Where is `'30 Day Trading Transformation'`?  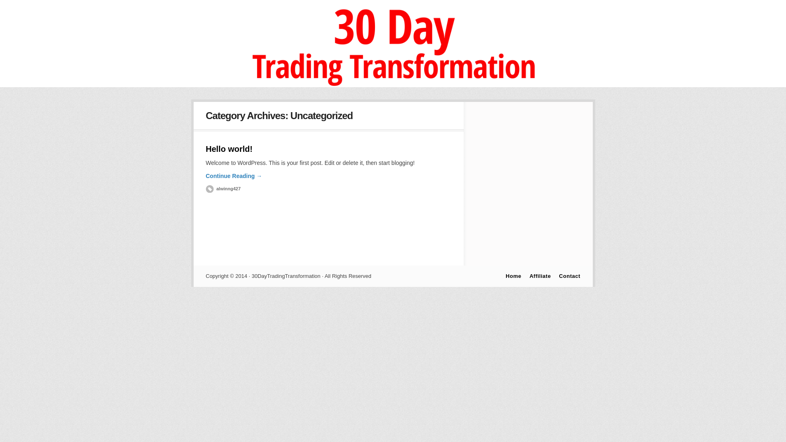
'30 Day Trading Transformation' is located at coordinates (235, 85).